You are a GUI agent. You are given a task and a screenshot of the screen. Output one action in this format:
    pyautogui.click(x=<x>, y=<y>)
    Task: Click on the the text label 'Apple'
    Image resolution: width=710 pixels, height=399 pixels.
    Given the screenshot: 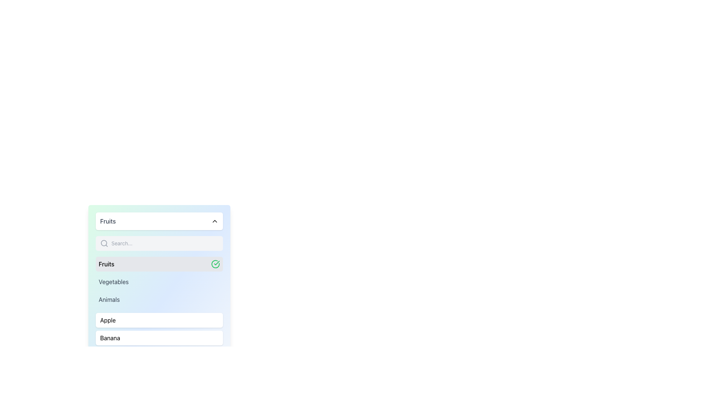 What is the action you would take?
    pyautogui.click(x=108, y=320)
    